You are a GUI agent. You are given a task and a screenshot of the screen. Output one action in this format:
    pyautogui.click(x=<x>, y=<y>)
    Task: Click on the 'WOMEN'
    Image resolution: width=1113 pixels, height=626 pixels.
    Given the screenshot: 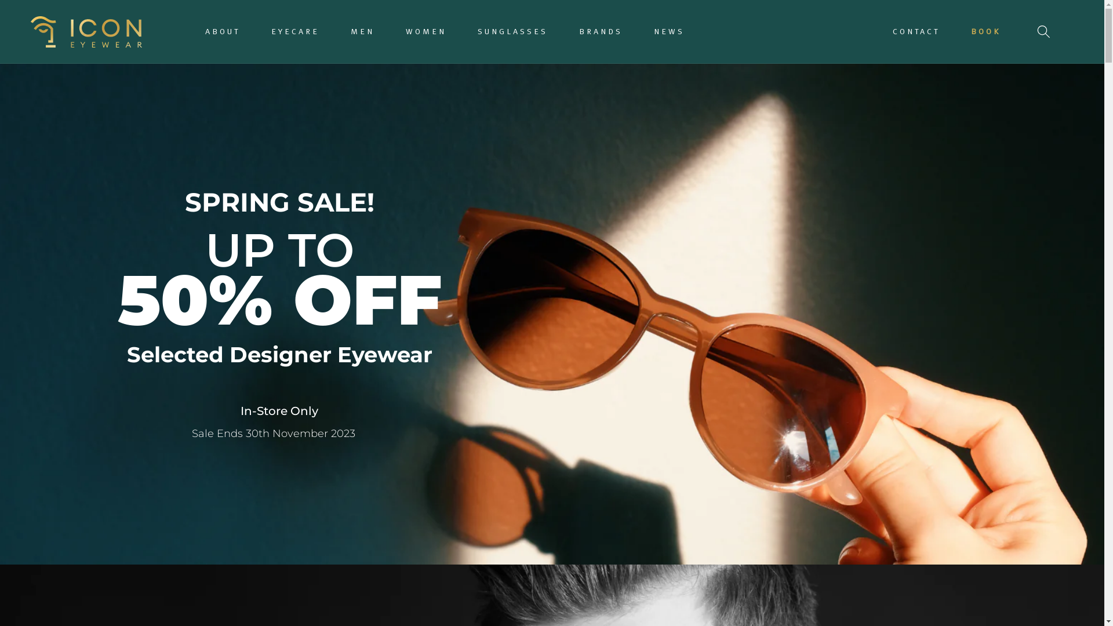 What is the action you would take?
    pyautogui.click(x=398, y=31)
    